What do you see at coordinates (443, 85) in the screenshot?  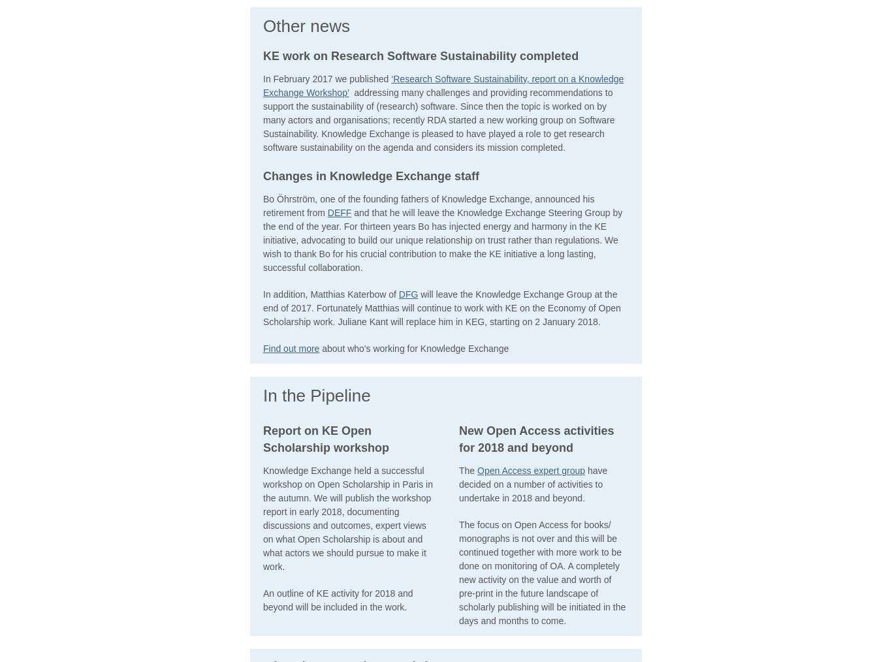 I see `'‘Research Software Sustainability, report on a Knowledge Exchange Workshop’'` at bounding box center [443, 85].